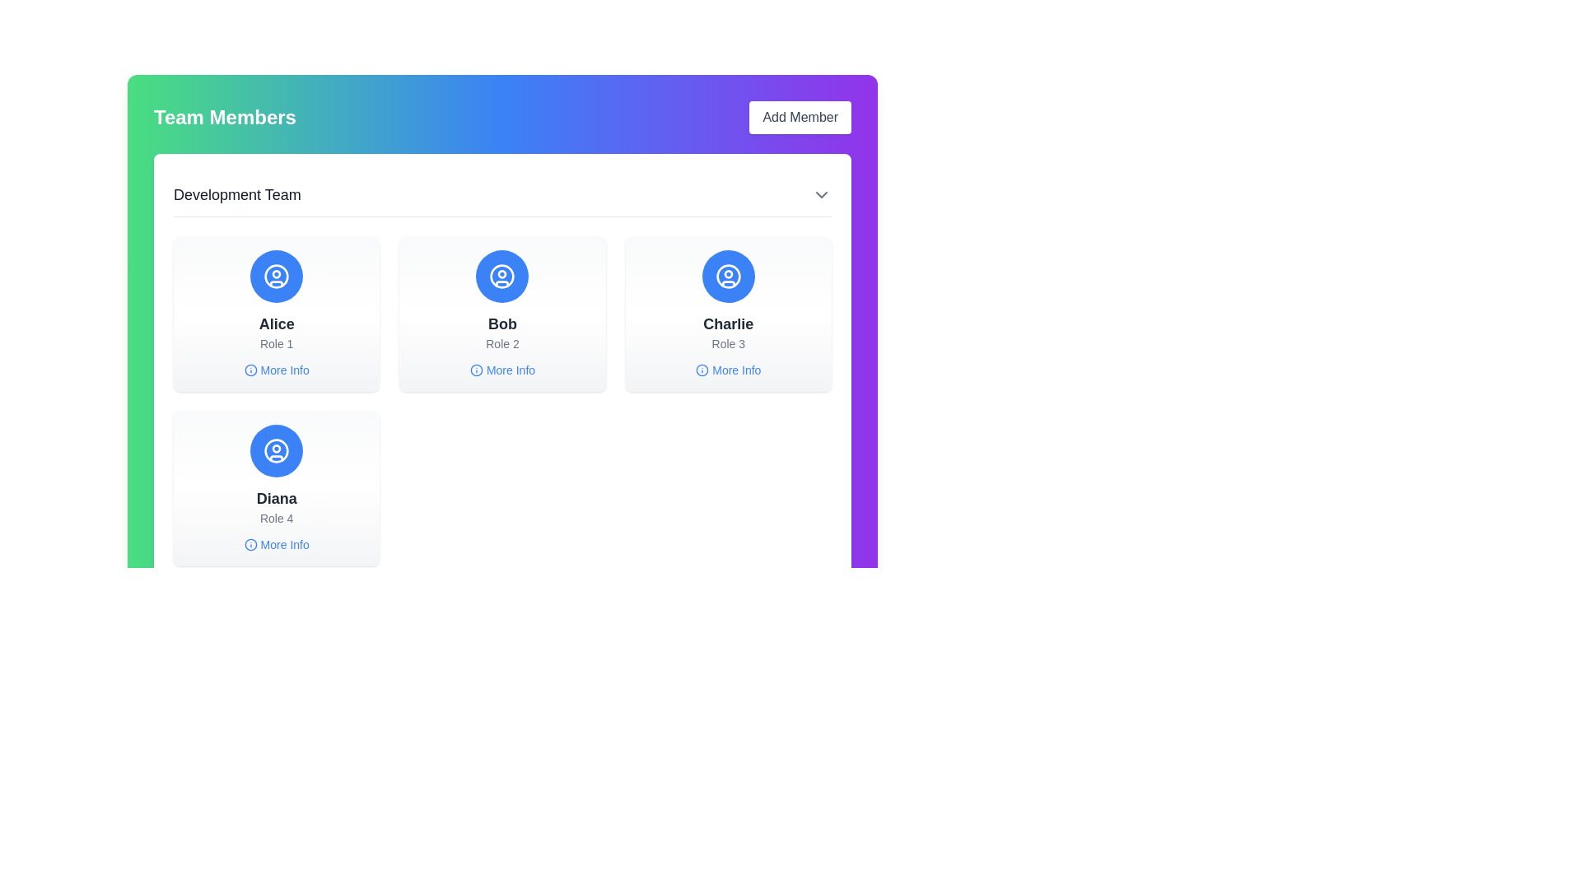 The height and width of the screenshot is (889, 1581). What do you see at coordinates (250, 545) in the screenshot?
I see `the circular 'i' icon with a blue outline next to the 'More Info' text for team member 'Diana'` at bounding box center [250, 545].